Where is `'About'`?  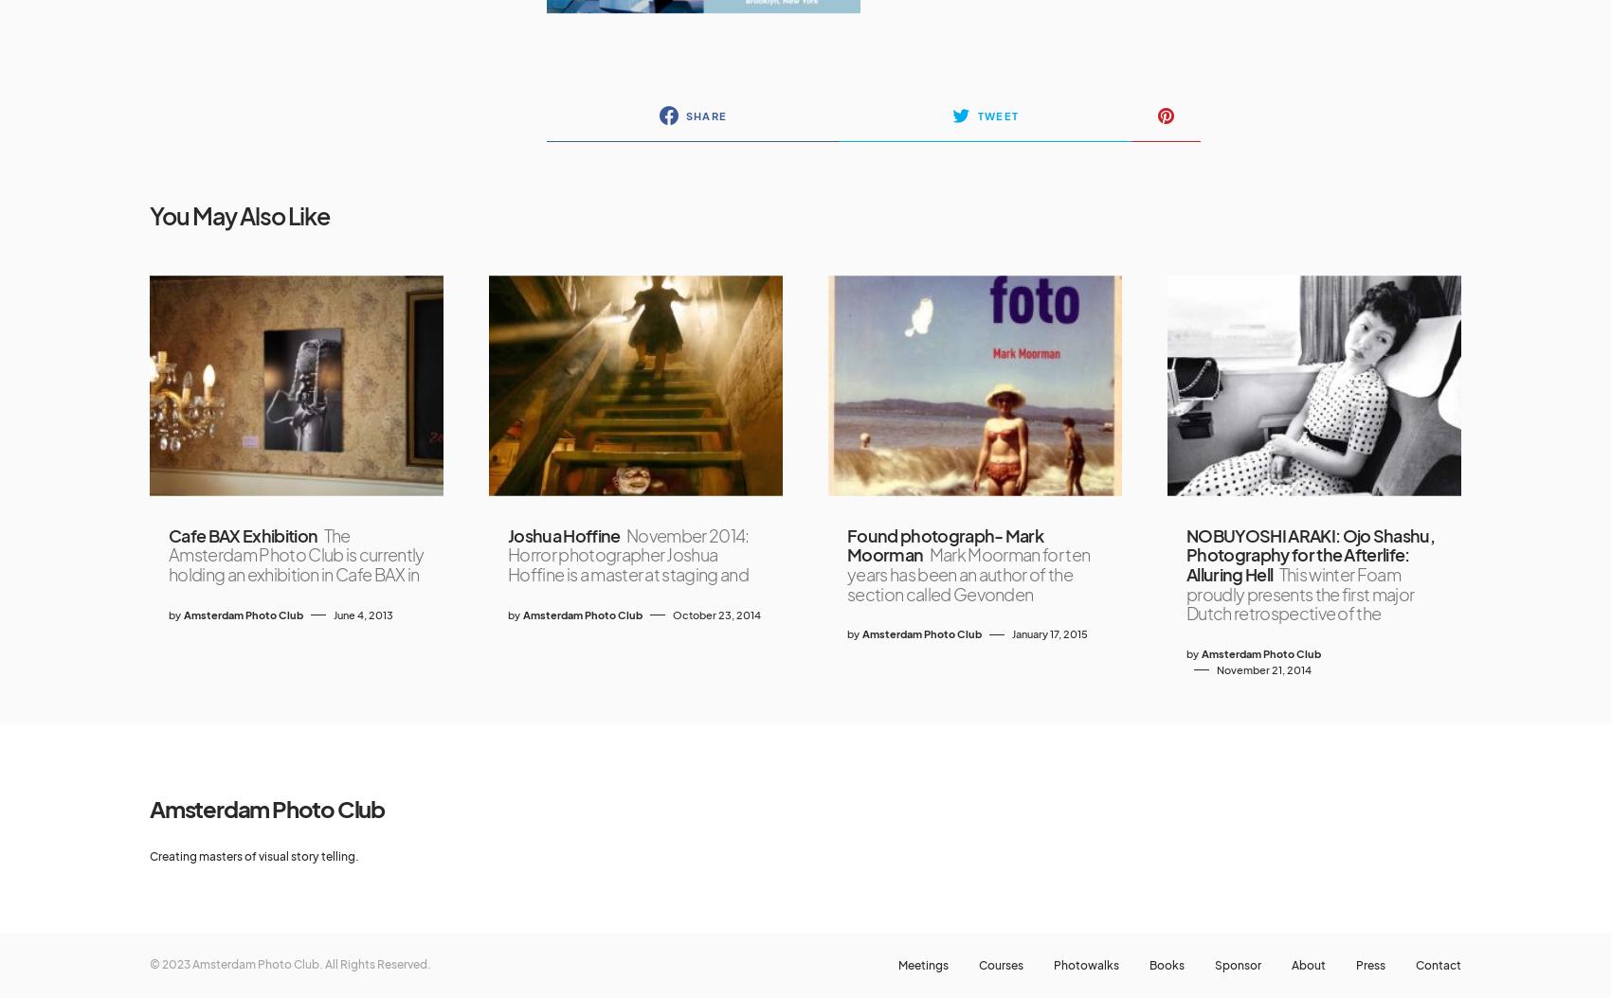
'About' is located at coordinates (1292, 964).